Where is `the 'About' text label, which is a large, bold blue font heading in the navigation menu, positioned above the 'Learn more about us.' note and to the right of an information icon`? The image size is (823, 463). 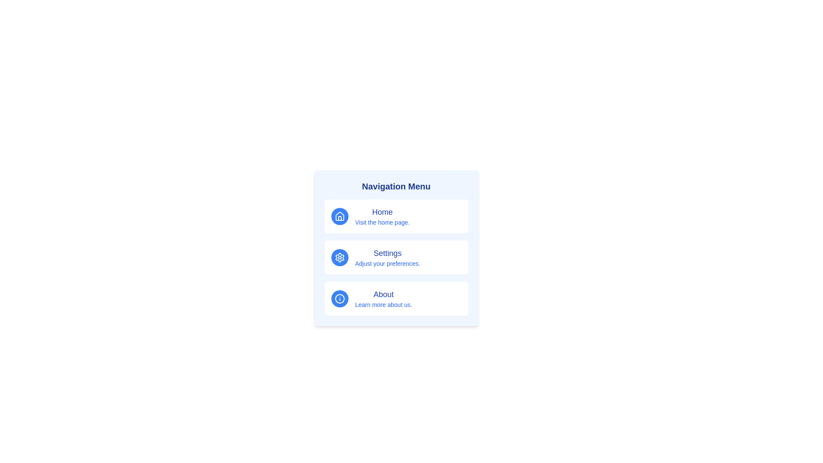 the 'About' text label, which is a large, bold blue font heading in the navigation menu, positioned above the 'Learn more about us.' note and to the right of an information icon is located at coordinates (383, 294).